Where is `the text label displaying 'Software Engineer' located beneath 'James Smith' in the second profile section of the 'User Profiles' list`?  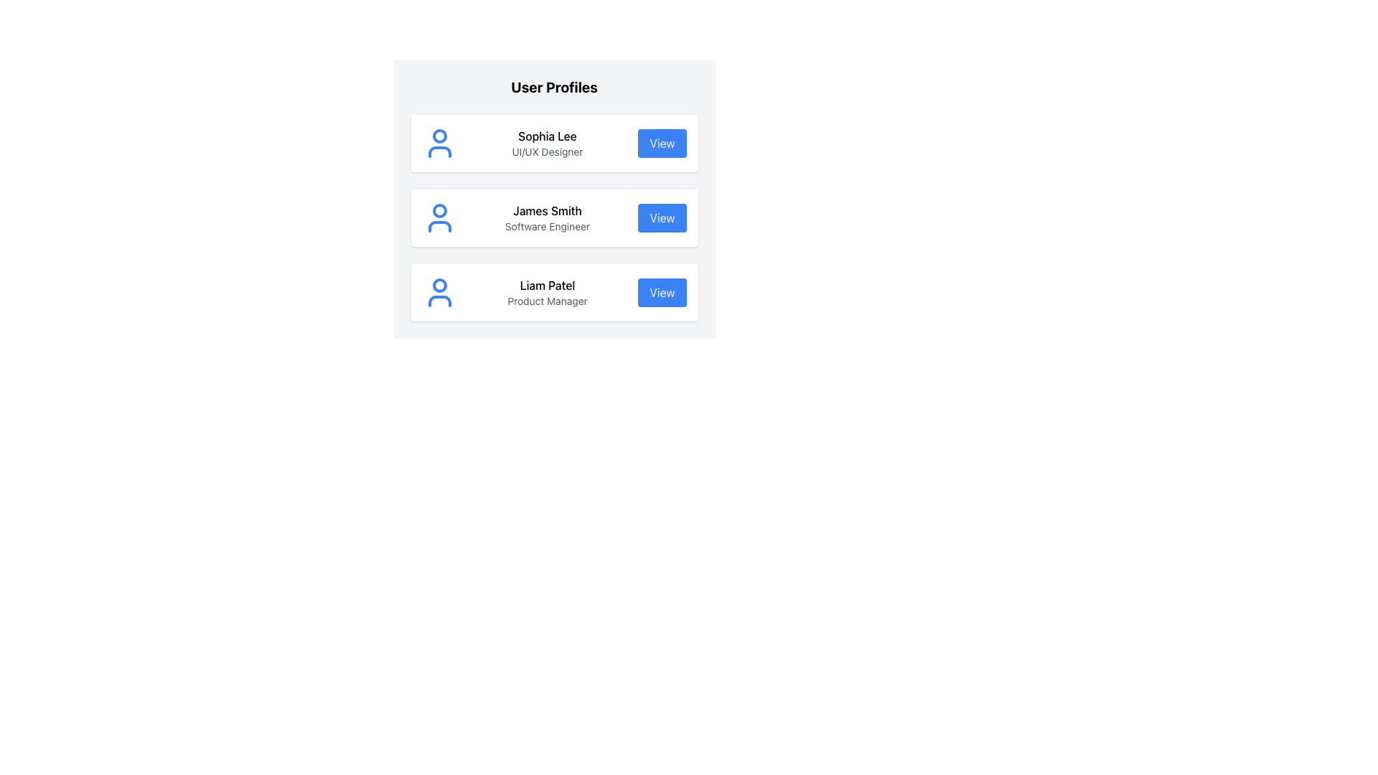 the text label displaying 'Software Engineer' located beneath 'James Smith' in the second profile section of the 'User Profiles' list is located at coordinates (547, 226).